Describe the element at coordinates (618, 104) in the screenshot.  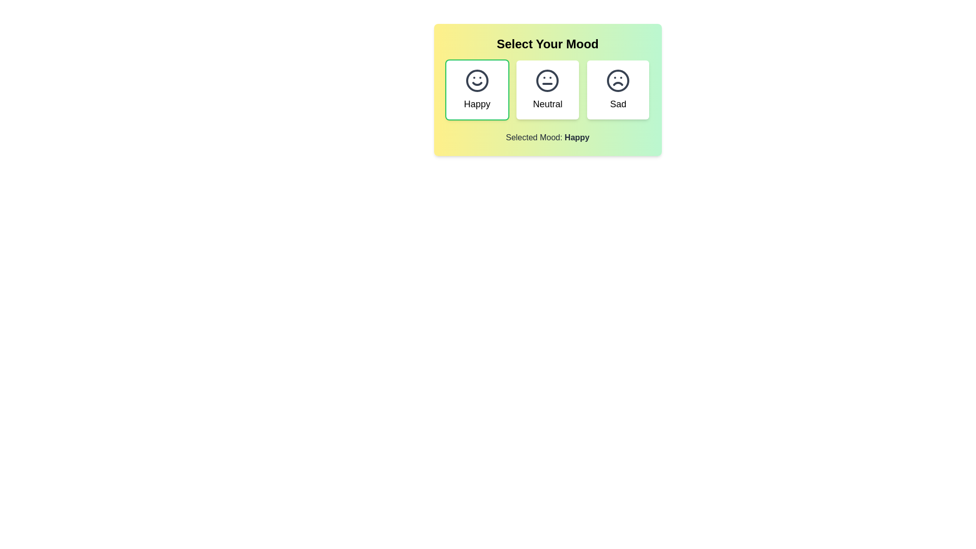
I see `the text label displaying 'Sad', which is located below a frown face icon on the third tile from the left in the mood options row` at that location.